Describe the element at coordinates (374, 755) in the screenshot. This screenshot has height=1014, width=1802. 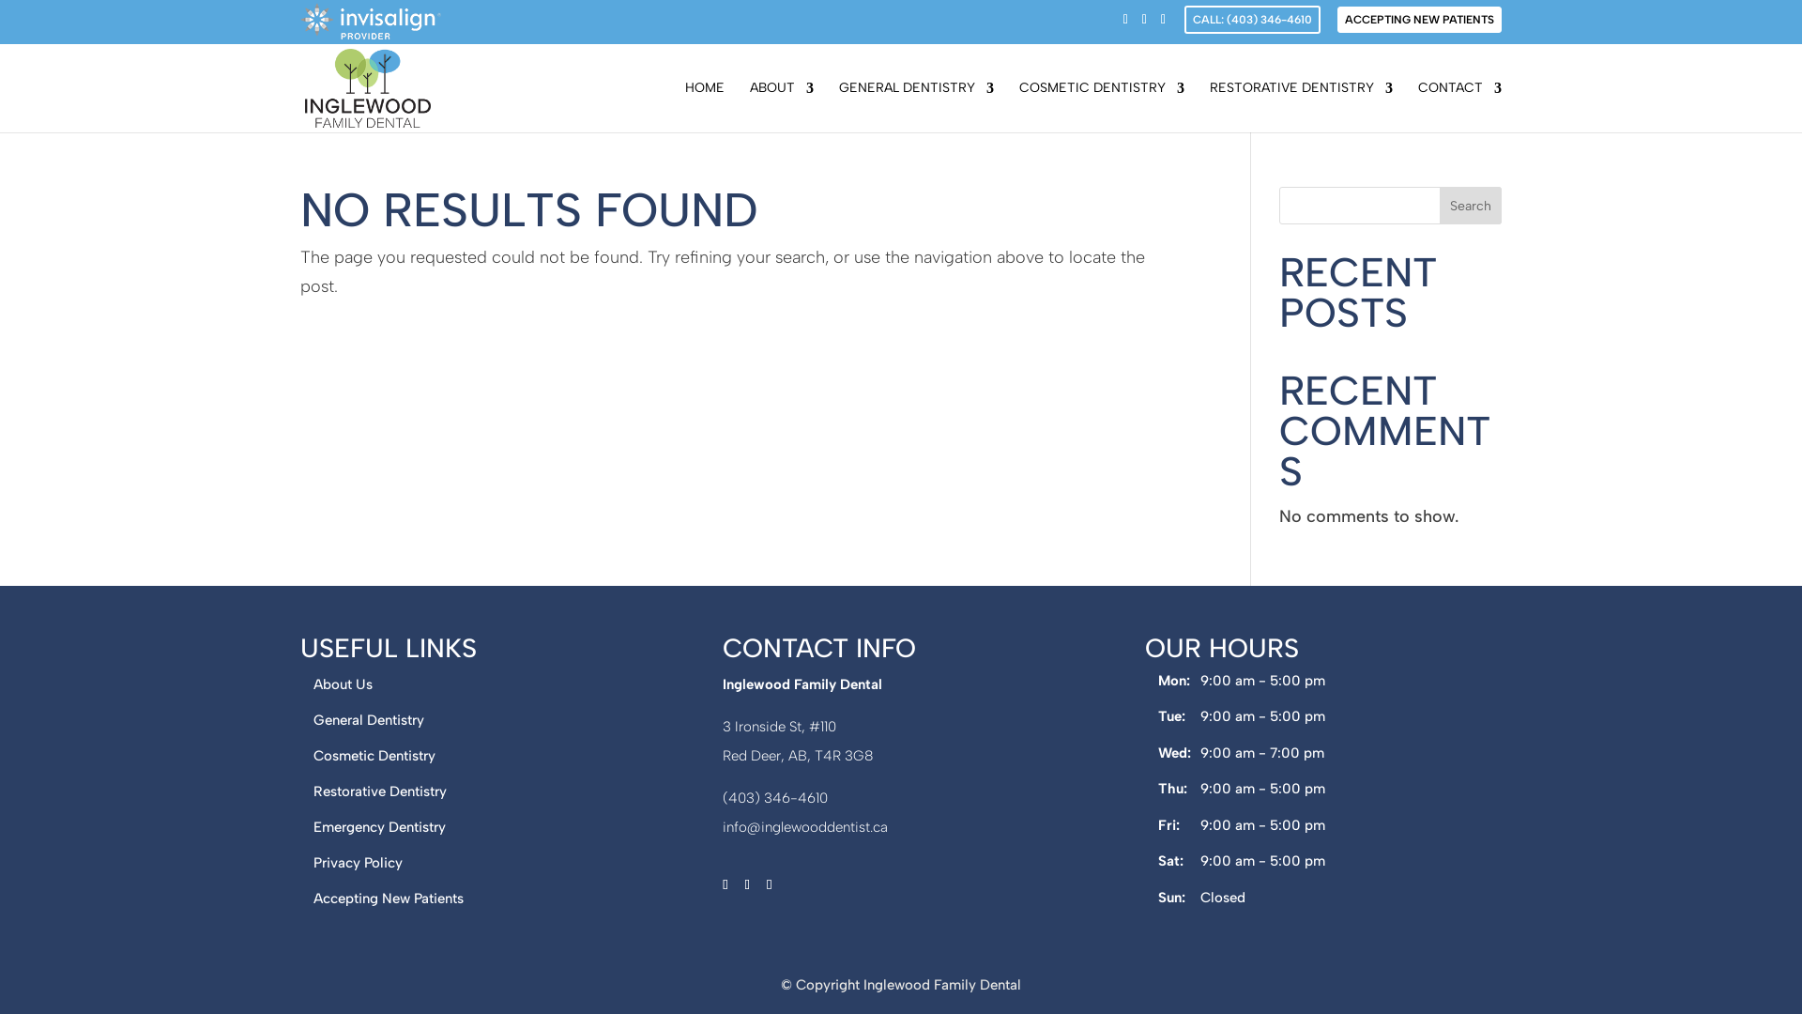
I see `'Cosmetic Dentistry'` at that location.